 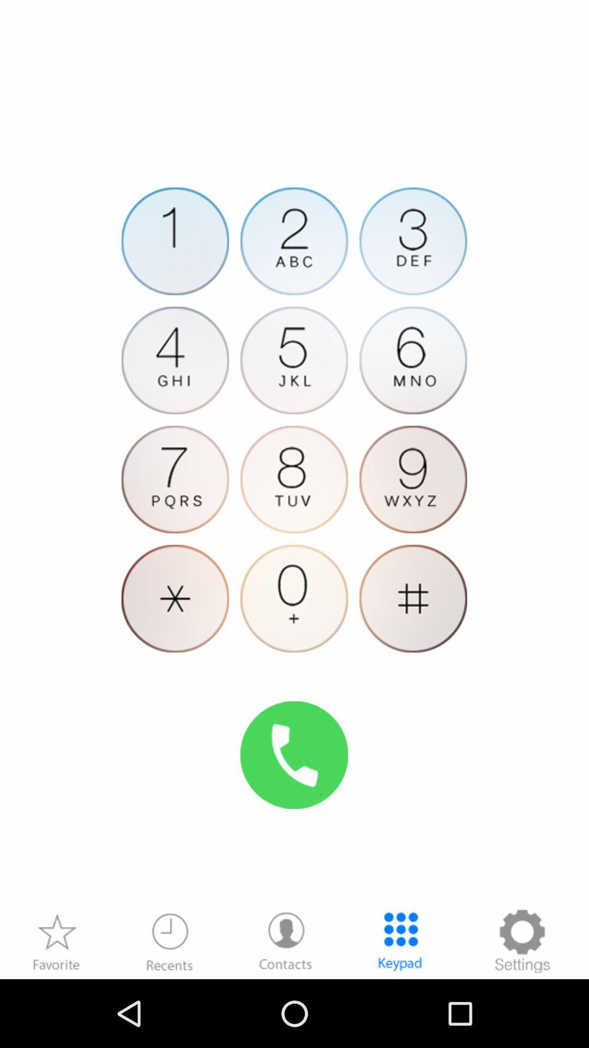 I want to click on the photo icon, so click(x=413, y=385).